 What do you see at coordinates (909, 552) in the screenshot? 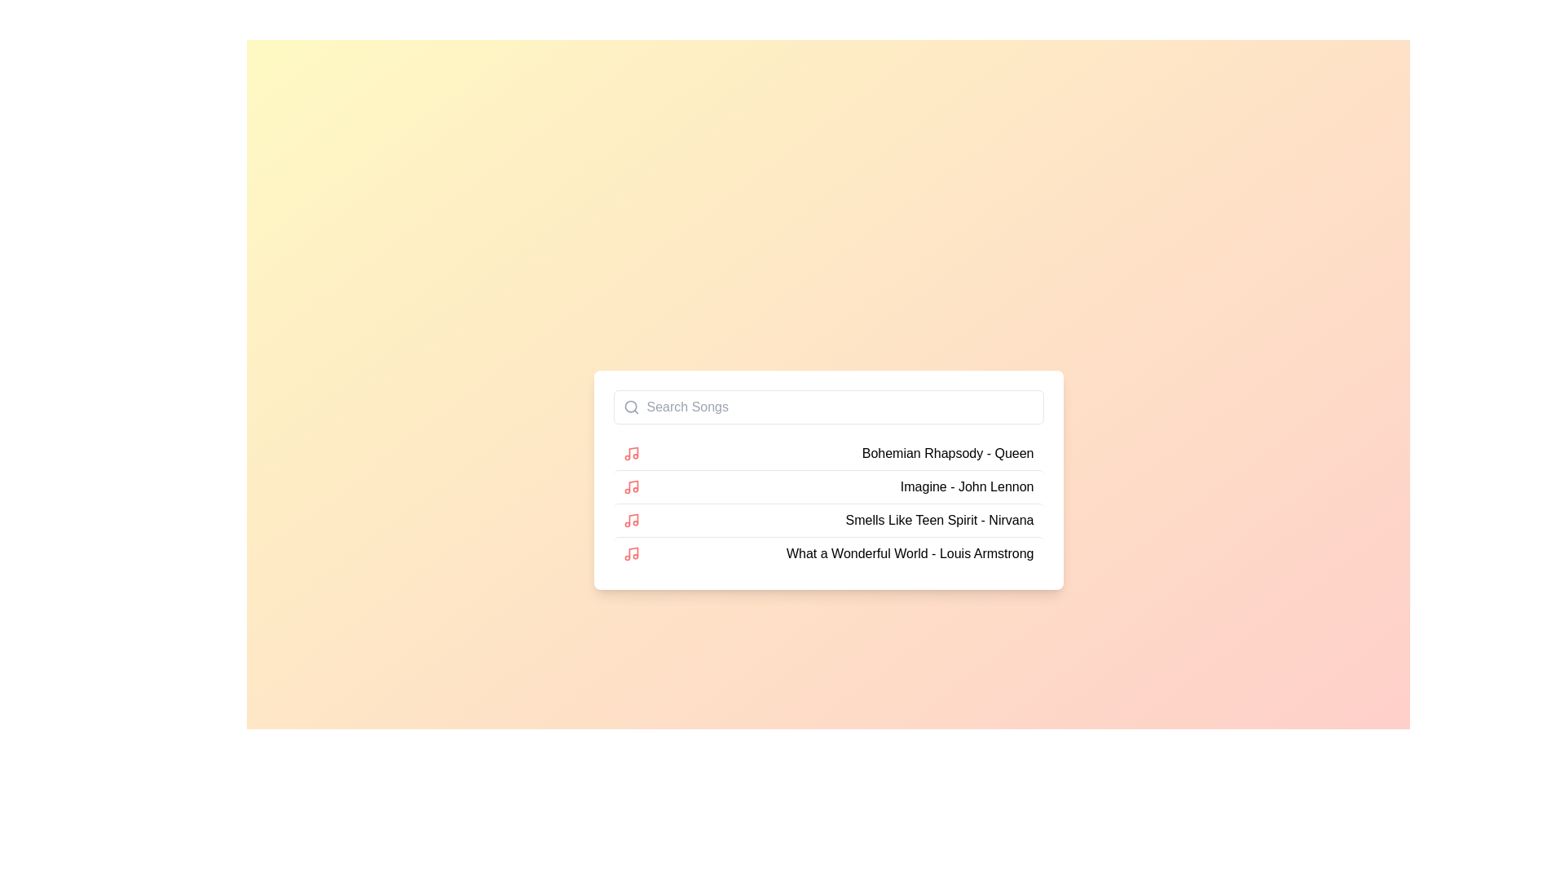
I see `the static informational text displaying 'What a Wonderful World - Louis Armstrong' in bold, black font, which is the last item in a vertical list of similar elements` at bounding box center [909, 552].